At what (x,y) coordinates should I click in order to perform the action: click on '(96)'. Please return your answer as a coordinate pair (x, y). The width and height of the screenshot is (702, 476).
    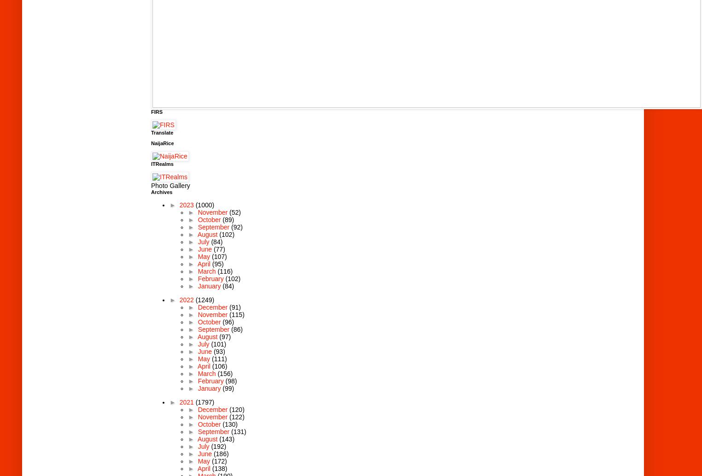
    Looking at the image, I should click on (228, 321).